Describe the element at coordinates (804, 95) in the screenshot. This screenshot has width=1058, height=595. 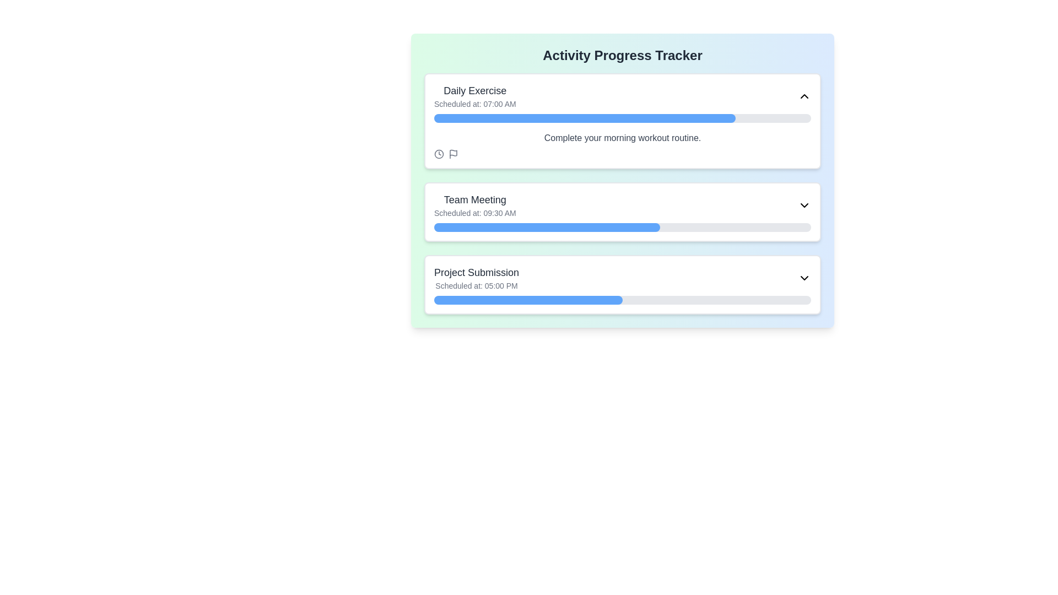
I see `the Chevron-Up icon in the top-right corner of the 'Daily Exercise' card` at that location.